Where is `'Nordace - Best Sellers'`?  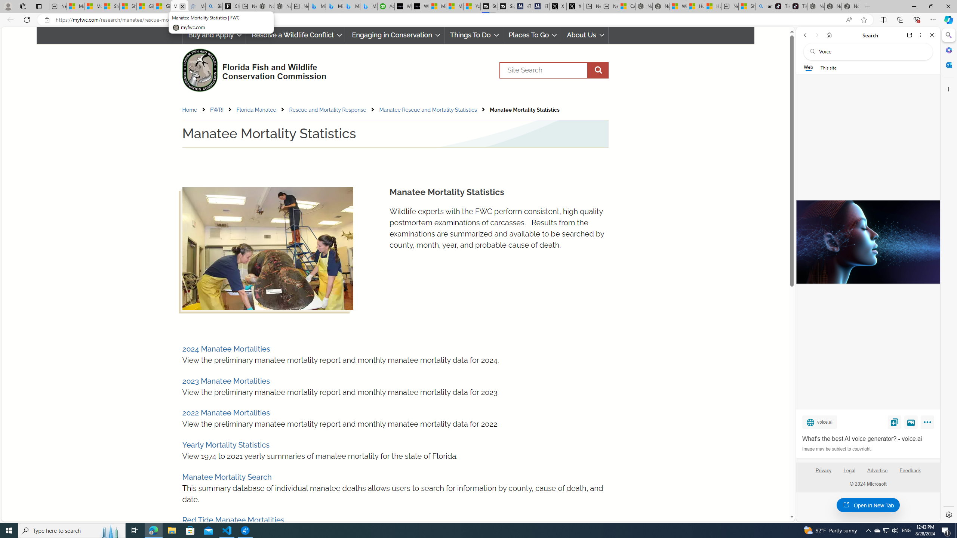 'Nordace - Best Sellers' is located at coordinates (815, 6).